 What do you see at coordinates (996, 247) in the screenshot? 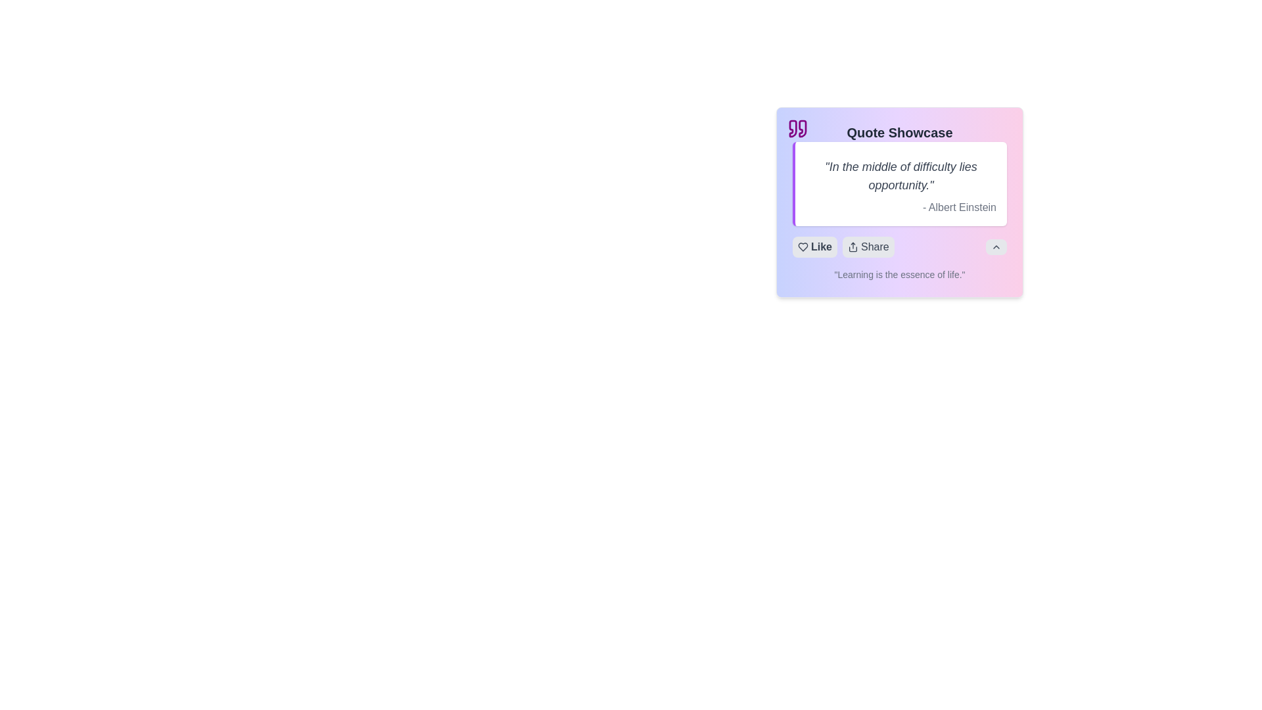
I see `the chevron icon button located at the top-right corner of the card interface` at bounding box center [996, 247].